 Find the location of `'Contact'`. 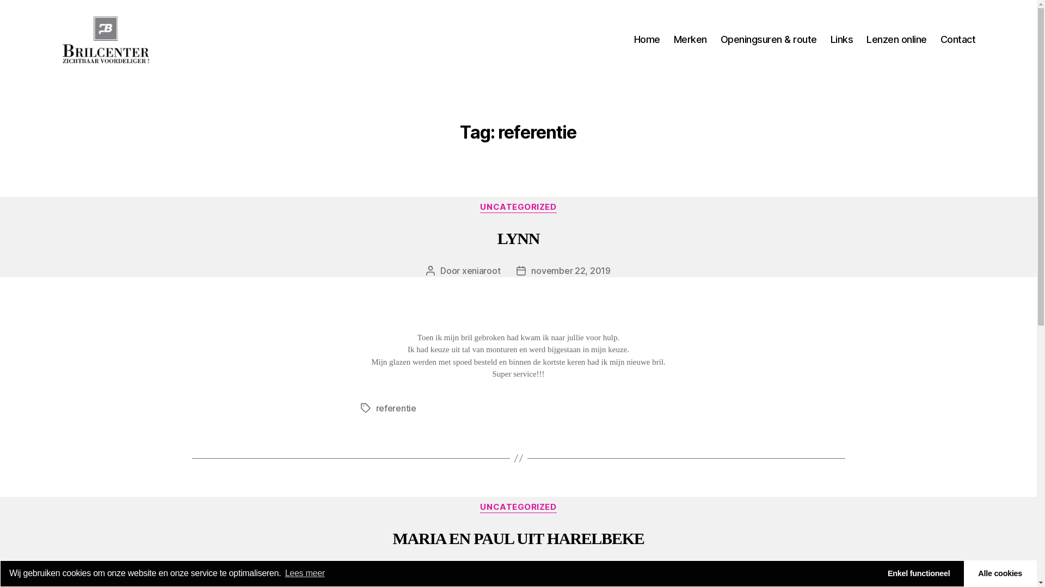

'Contact' is located at coordinates (940, 39).